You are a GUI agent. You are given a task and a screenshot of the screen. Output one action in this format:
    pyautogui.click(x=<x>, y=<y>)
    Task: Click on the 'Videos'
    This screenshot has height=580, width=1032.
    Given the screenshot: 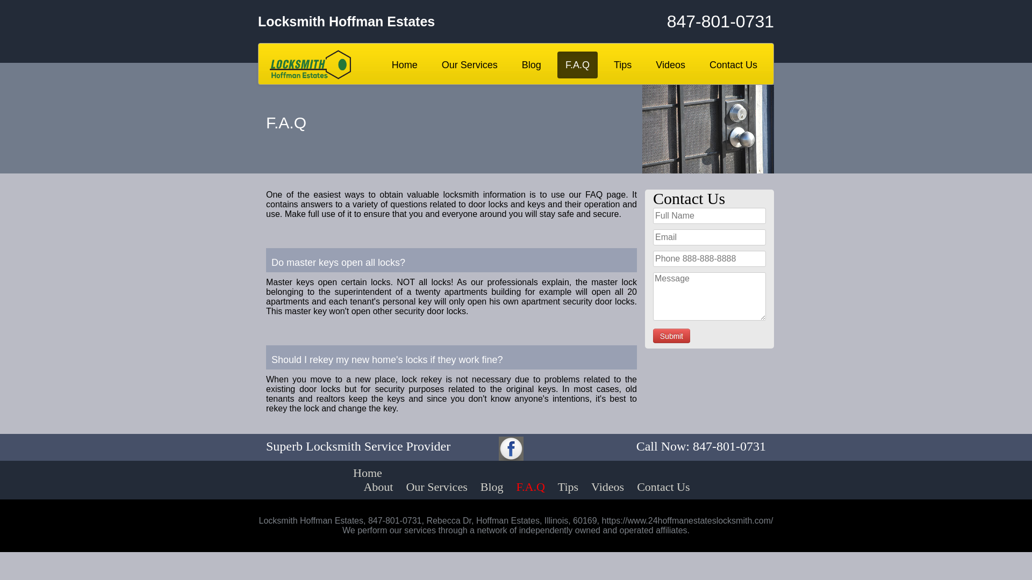 What is the action you would take?
    pyautogui.click(x=670, y=64)
    